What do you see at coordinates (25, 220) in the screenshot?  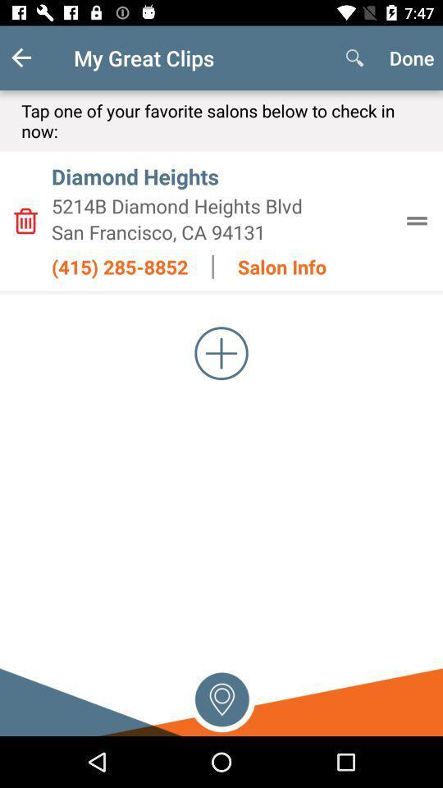 I see `delete information` at bounding box center [25, 220].